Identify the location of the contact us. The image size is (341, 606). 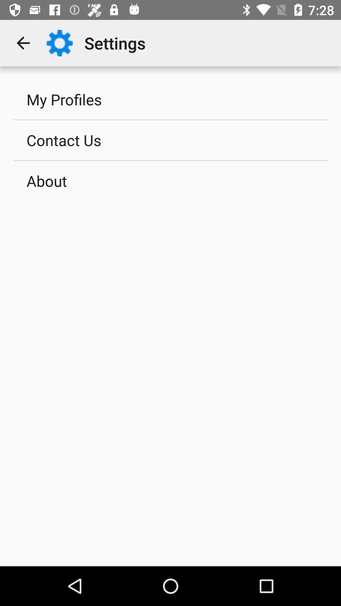
(170, 140).